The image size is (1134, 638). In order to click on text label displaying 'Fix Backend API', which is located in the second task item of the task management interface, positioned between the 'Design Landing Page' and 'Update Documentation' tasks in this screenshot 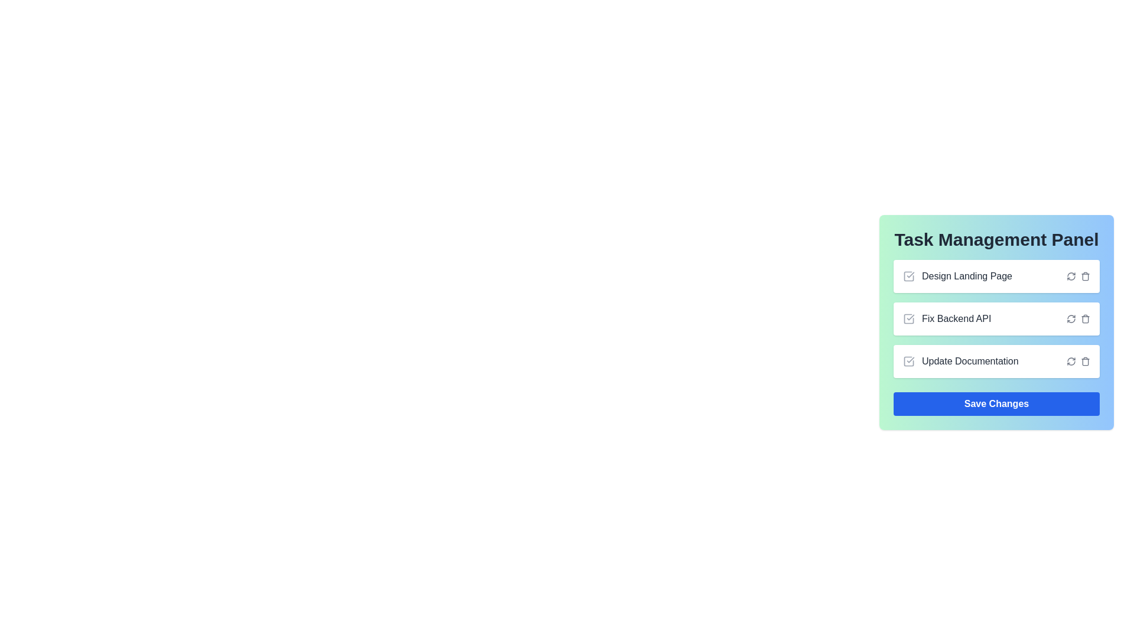, I will do `click(956, 319)`.